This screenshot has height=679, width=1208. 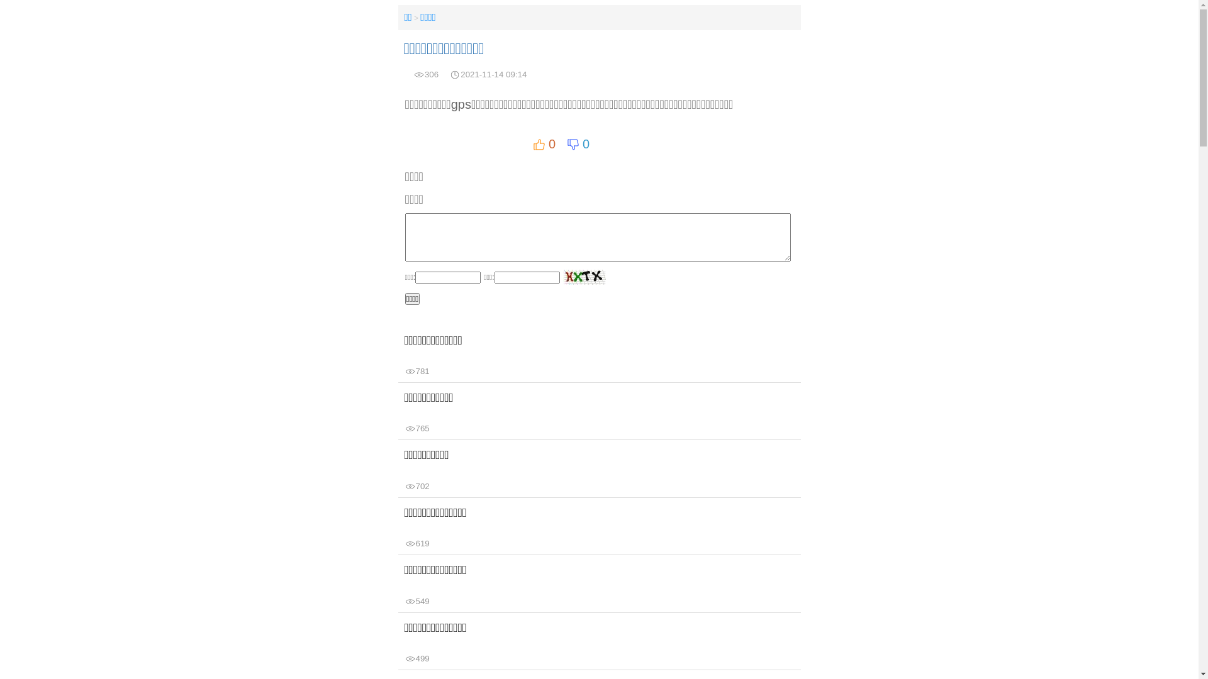 I want to click on '0', so click(x=544, y=143).